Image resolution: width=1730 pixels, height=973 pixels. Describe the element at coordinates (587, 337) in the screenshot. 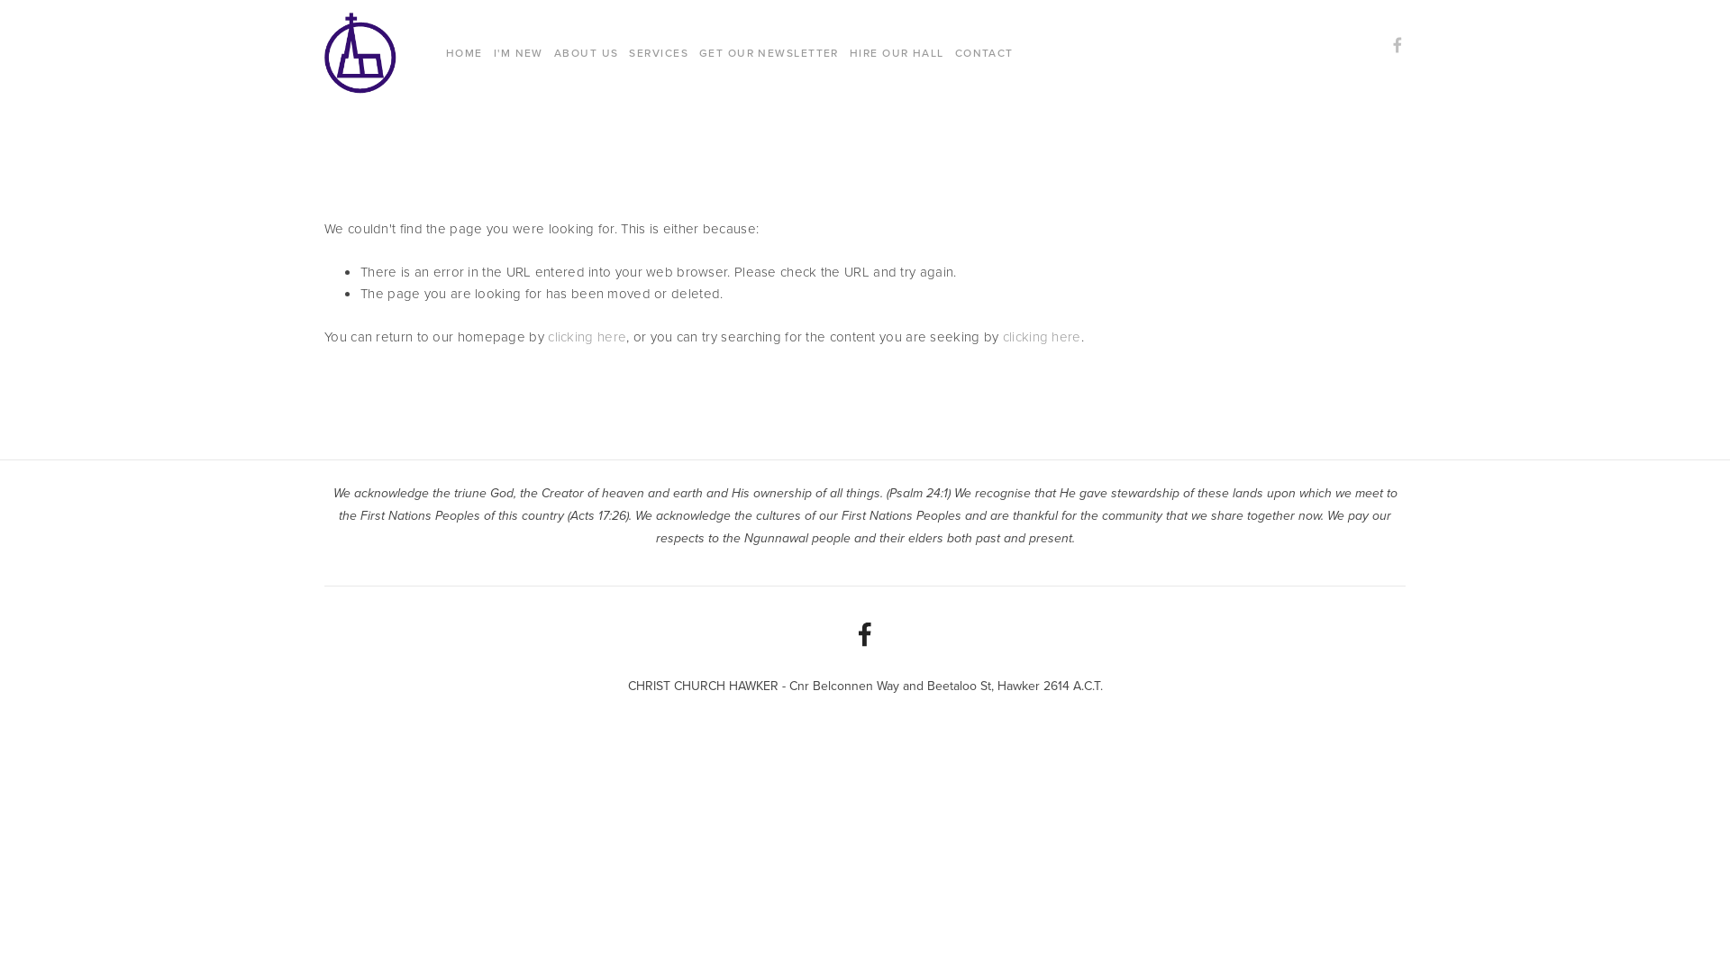

I see `'clicking here'` at that location.